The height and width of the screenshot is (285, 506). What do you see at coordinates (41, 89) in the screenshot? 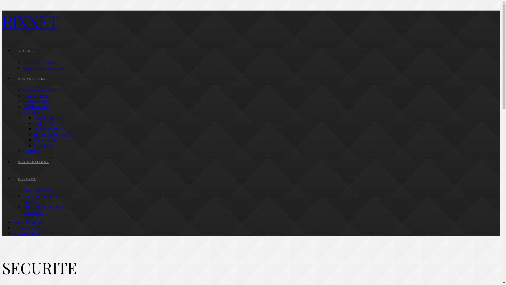
I see `'Cahier des charges'` at bounding box center [41, 89].